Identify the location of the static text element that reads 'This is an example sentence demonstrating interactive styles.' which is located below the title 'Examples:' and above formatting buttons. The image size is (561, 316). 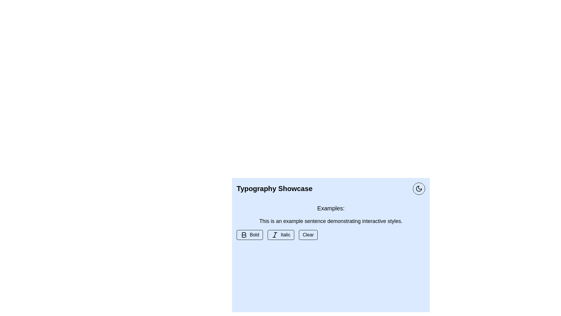
(331, 221).